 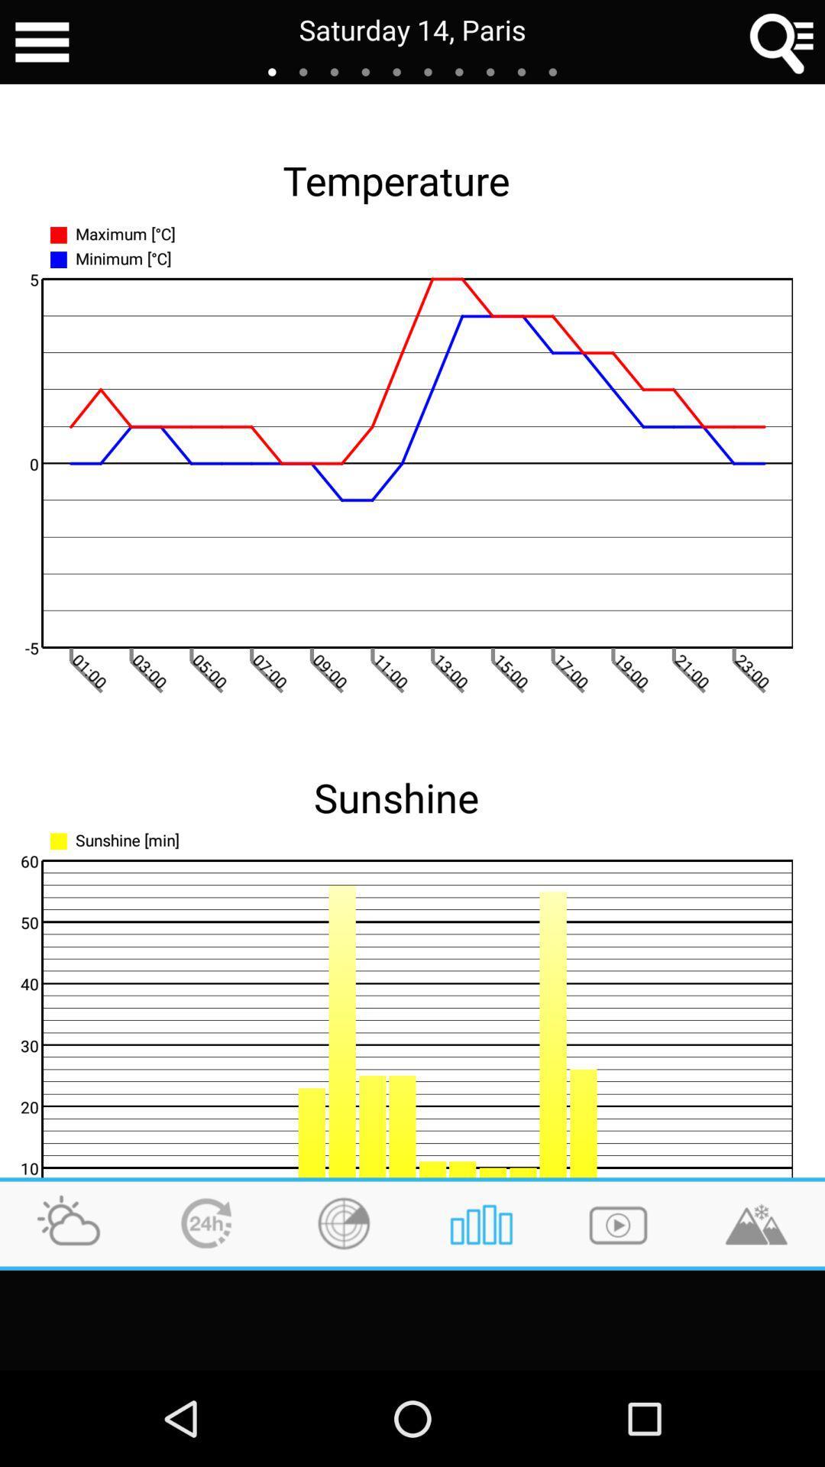 What do you see at coordinates (782, 42) in the screenshot?
I see `search` at bounding box center [782, 42].